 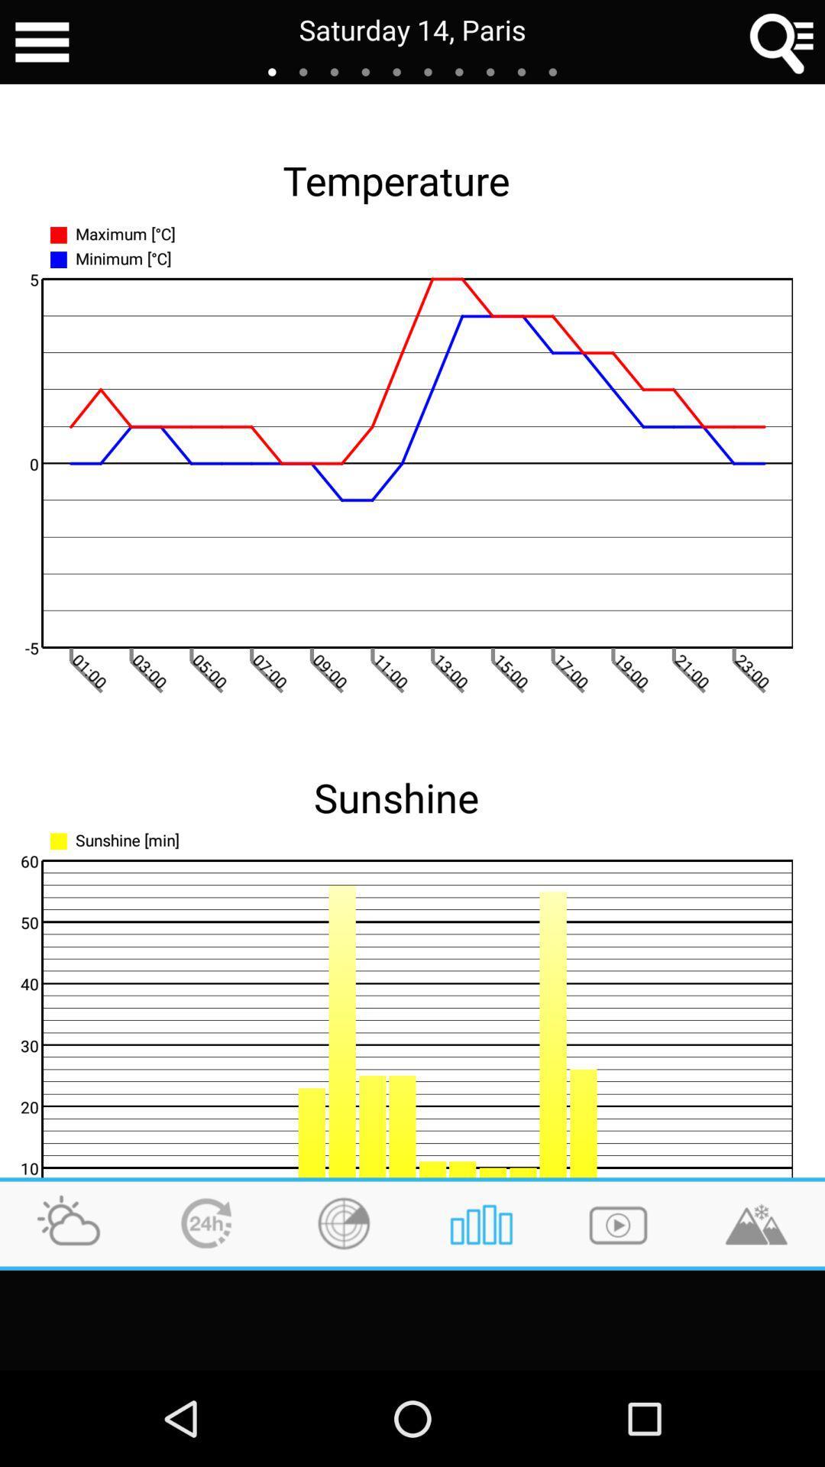 What do you see at coordinates (782, 42) in the screenshot?
I see `search` at bounding box center [782, 42].